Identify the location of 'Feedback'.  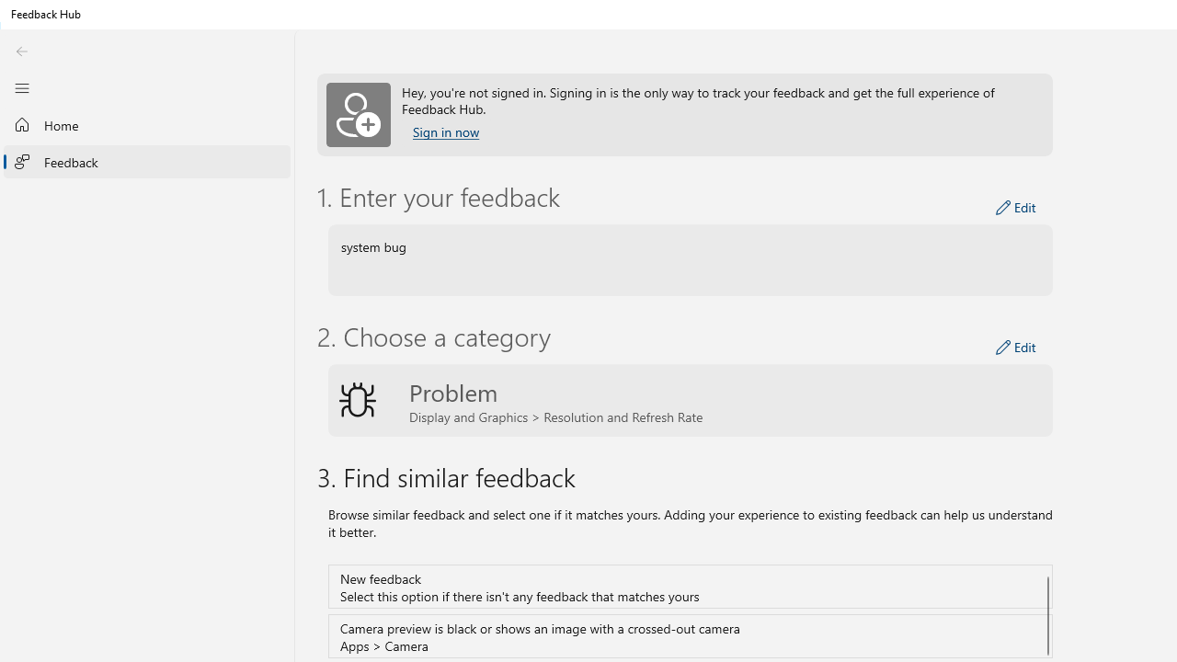
(147, 160).